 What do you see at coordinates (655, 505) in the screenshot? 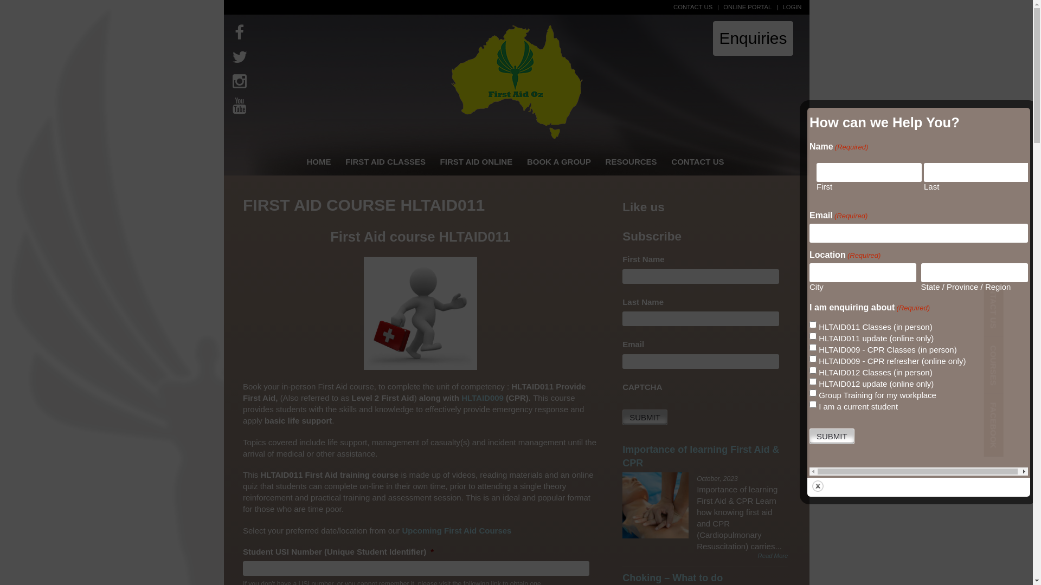
I see `'Importance of learning First Aid & CPR'` at bounding box center [655, 505].